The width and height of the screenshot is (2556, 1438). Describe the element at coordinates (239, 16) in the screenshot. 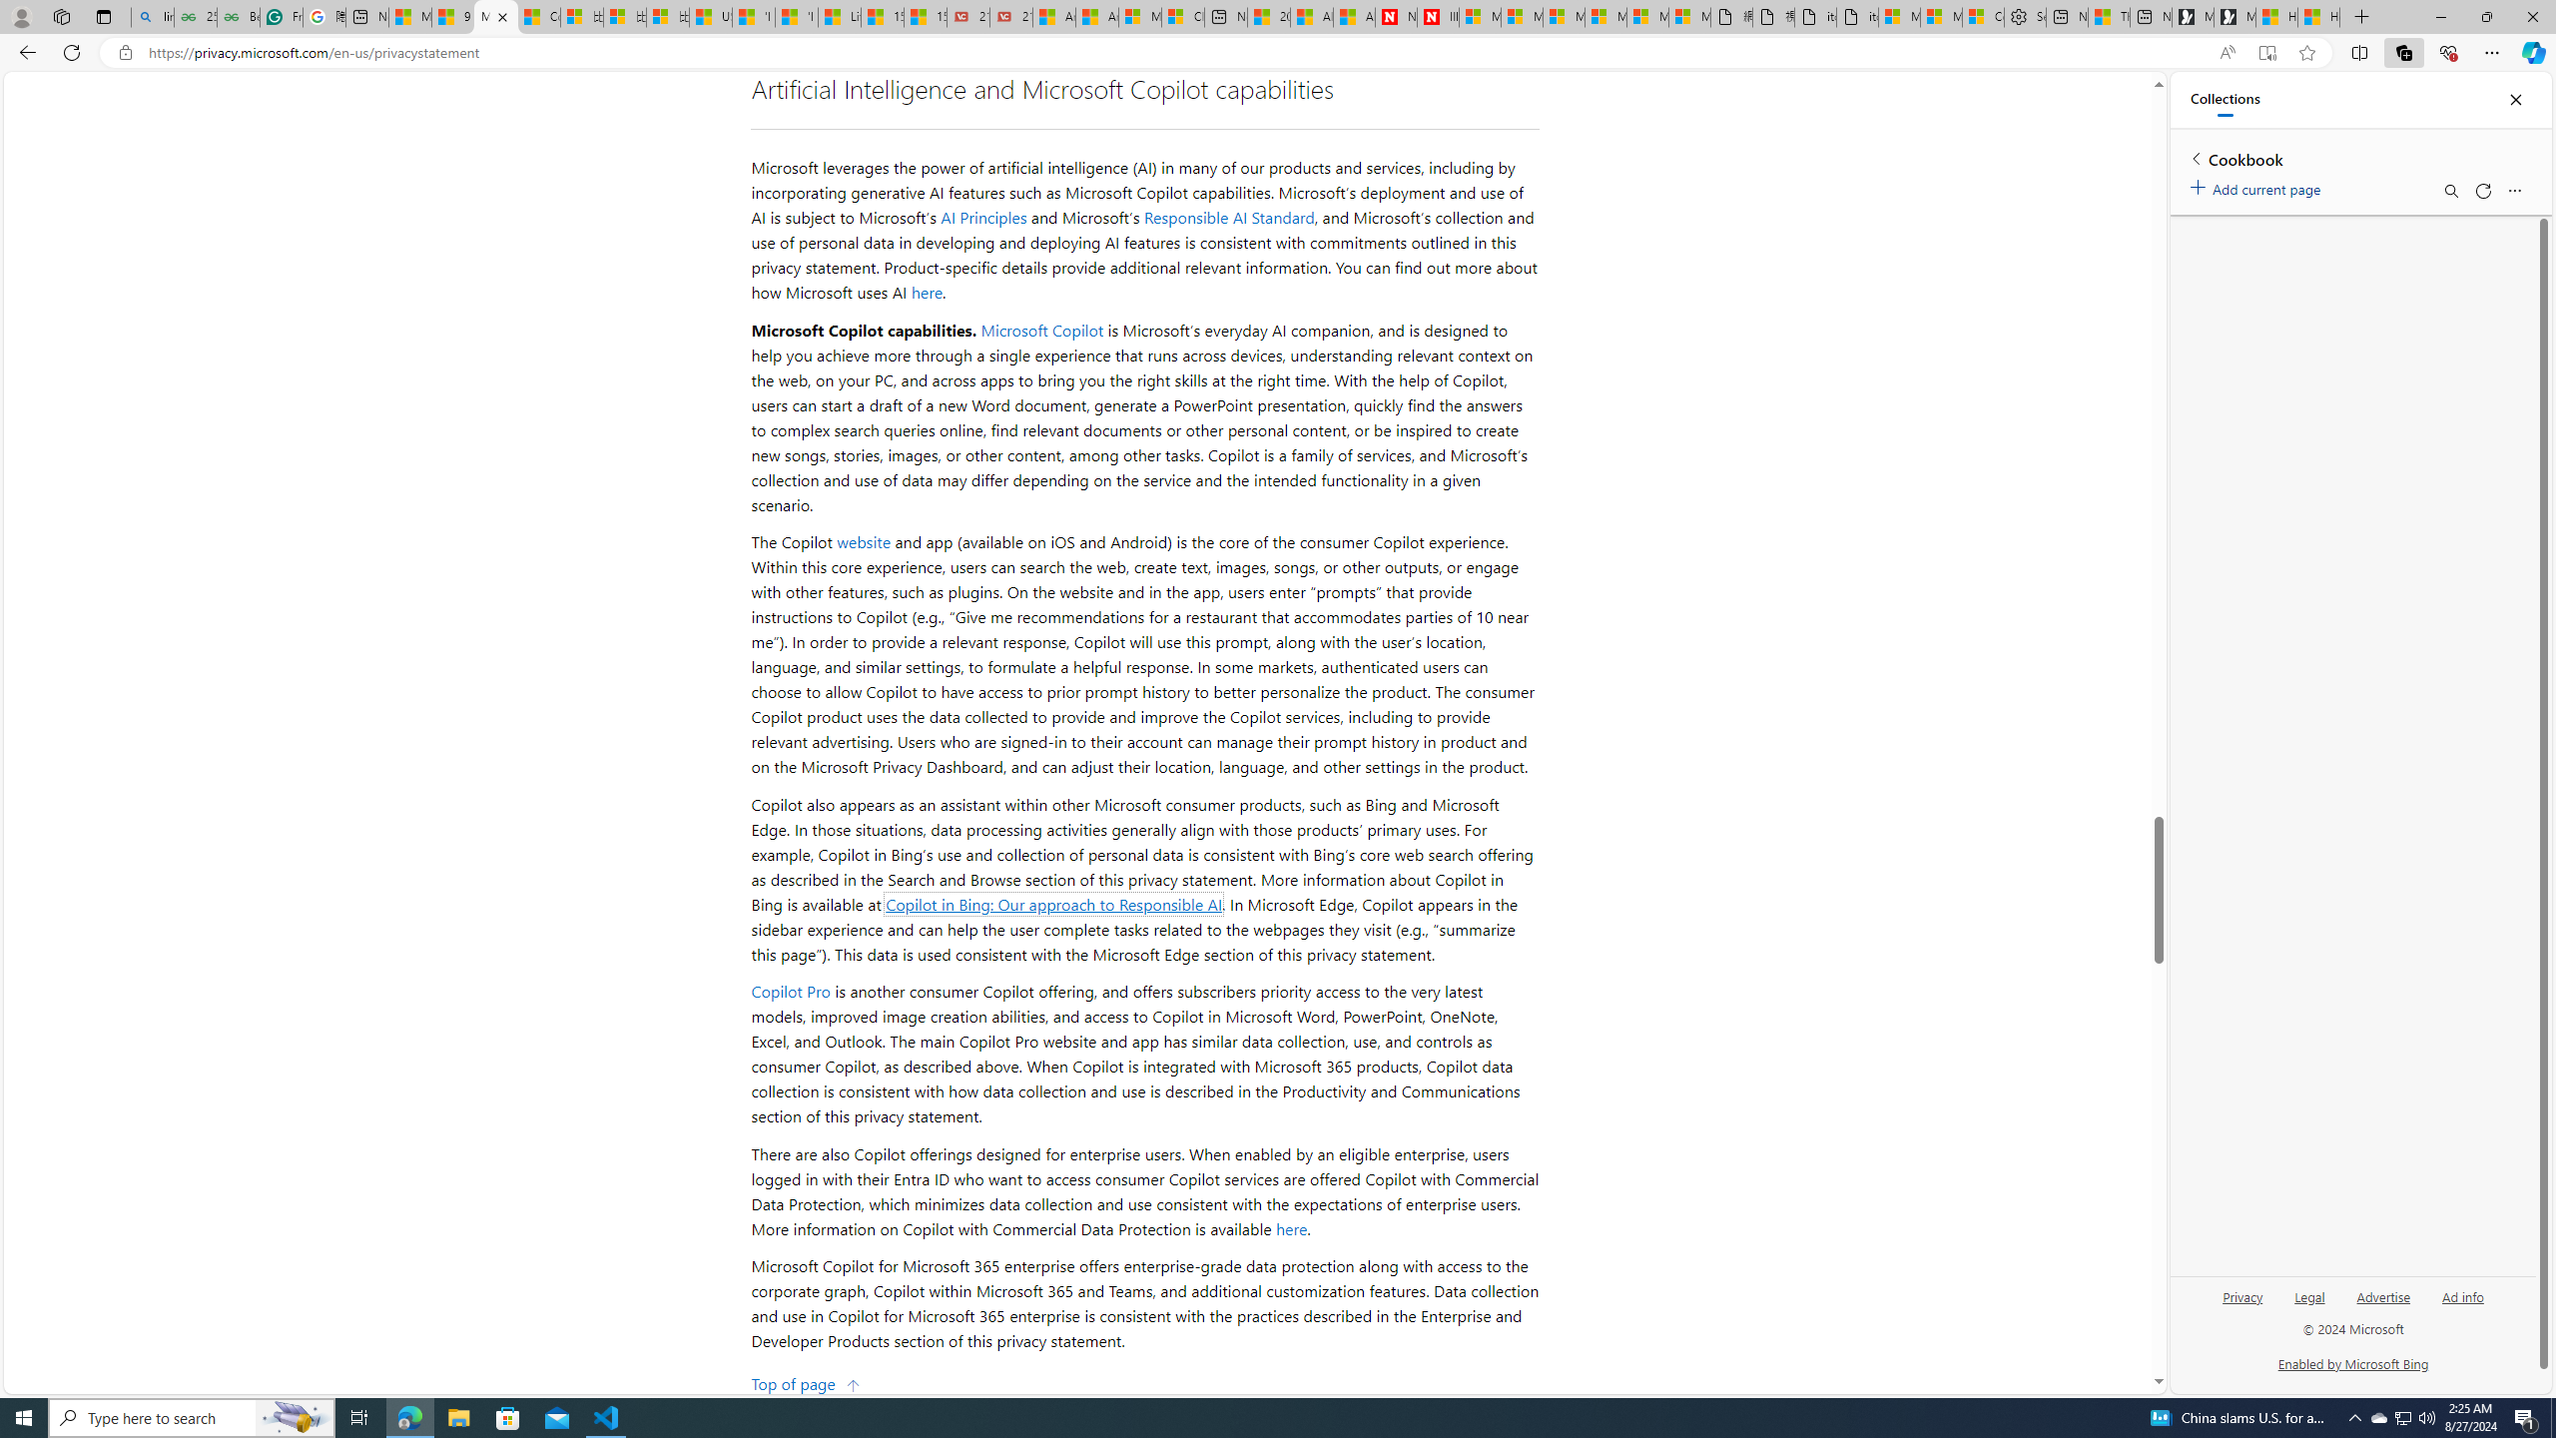

I see `'Best SSL Certificates Provider in India - GeeksforGeeks'` at that location.